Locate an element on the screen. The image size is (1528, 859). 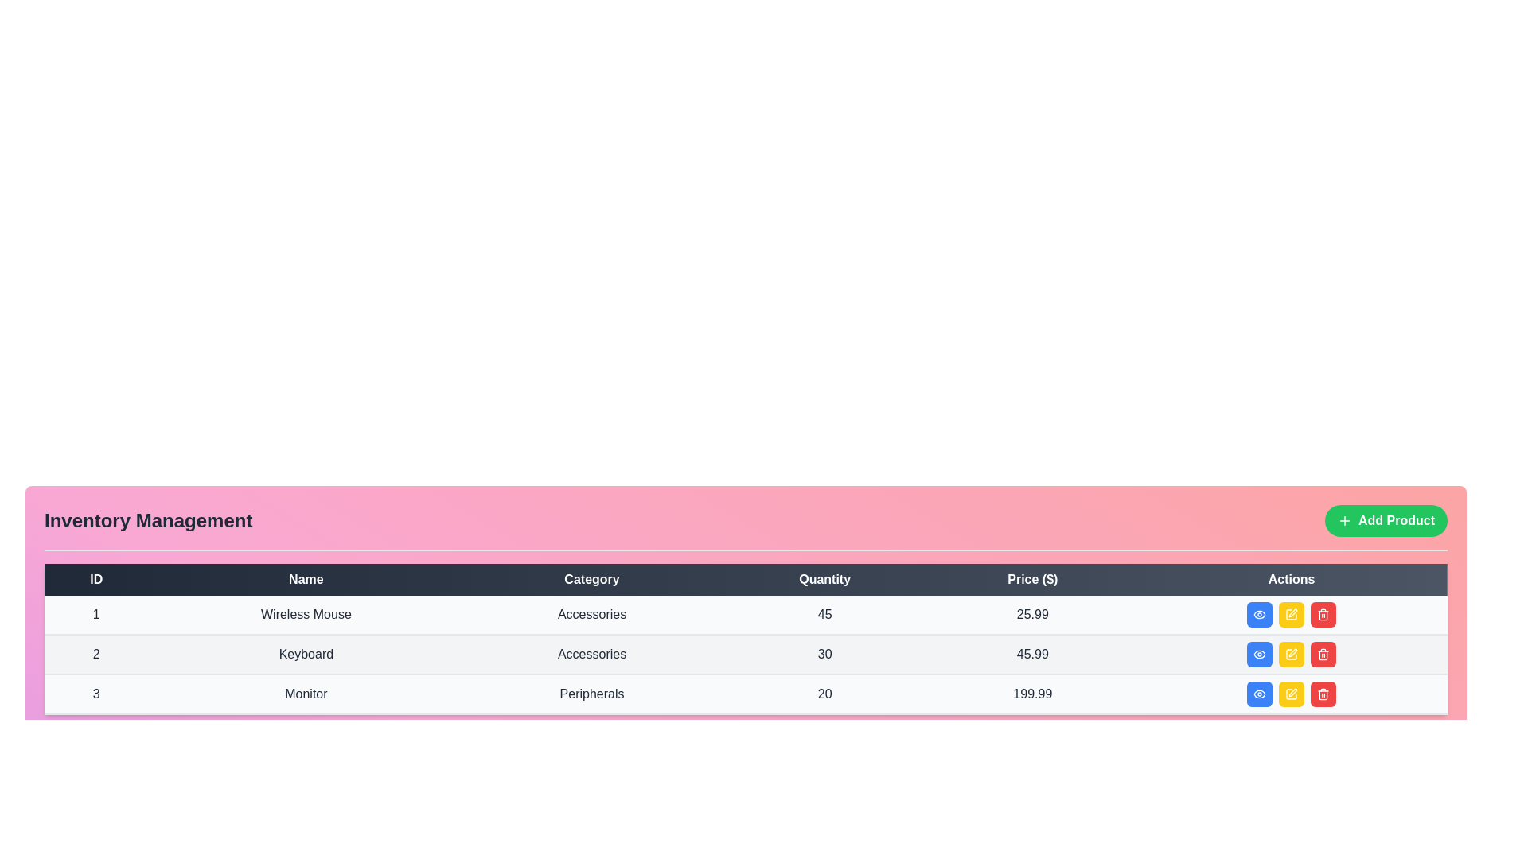
the icon button in the third row of the 'Actions' column is located at coordinates (1259, 693).